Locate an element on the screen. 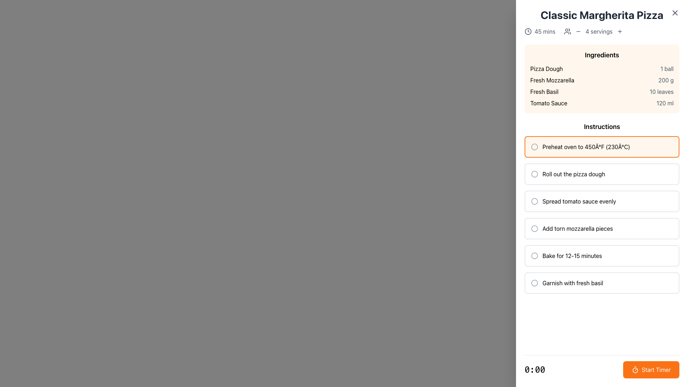  the second item in the 'Instructions' section of the recipe list that represents the instruction to roll out the pizza dough is located at coordinates (602, 174).